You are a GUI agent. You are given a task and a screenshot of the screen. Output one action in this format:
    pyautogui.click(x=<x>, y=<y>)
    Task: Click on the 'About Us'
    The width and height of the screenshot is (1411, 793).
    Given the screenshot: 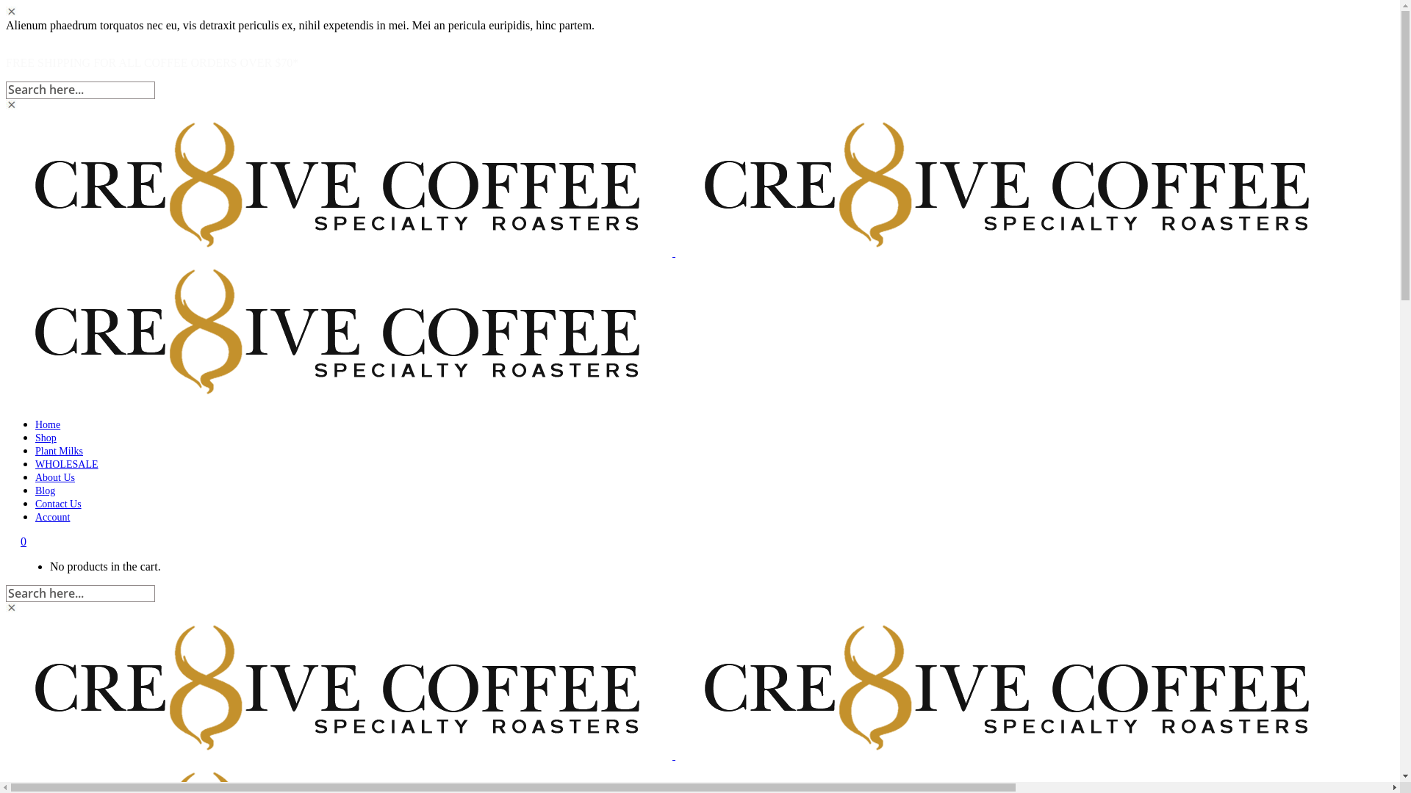 What is the action you would take?
    pyautogui.click(x=55, y=477)
    